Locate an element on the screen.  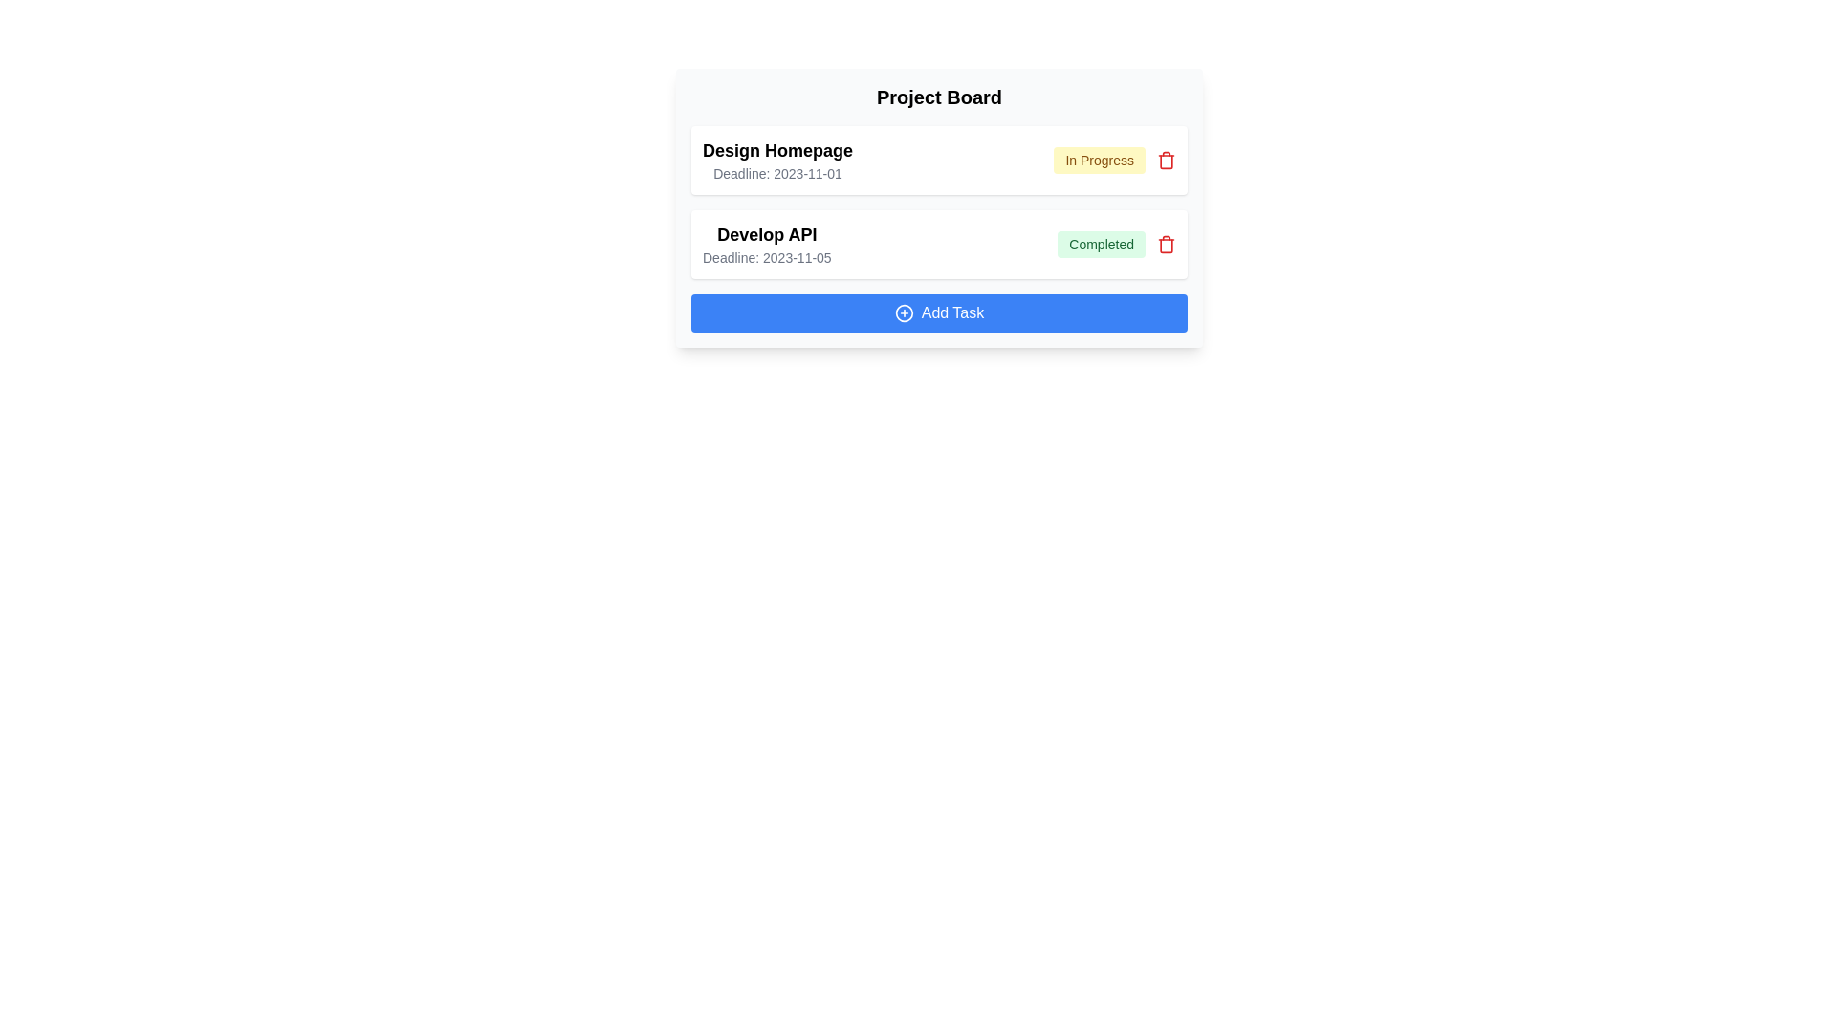
the delete button for the task with the name Design Homepage is located at coordinates (1165, 160).